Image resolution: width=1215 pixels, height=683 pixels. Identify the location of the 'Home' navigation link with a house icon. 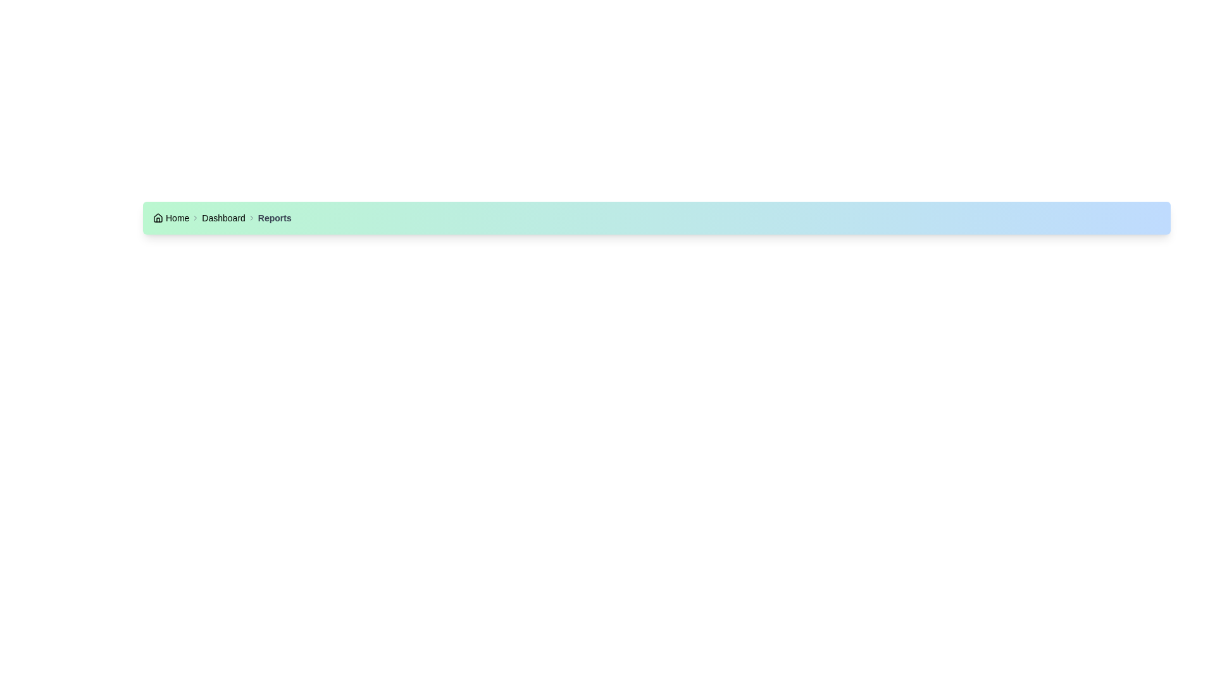
(170, 217).